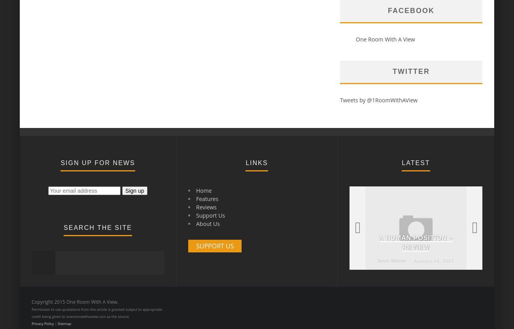 The height and width of the screenshot is (329, 514). I want to click on 'SUPPORT US', so click(214, 246).